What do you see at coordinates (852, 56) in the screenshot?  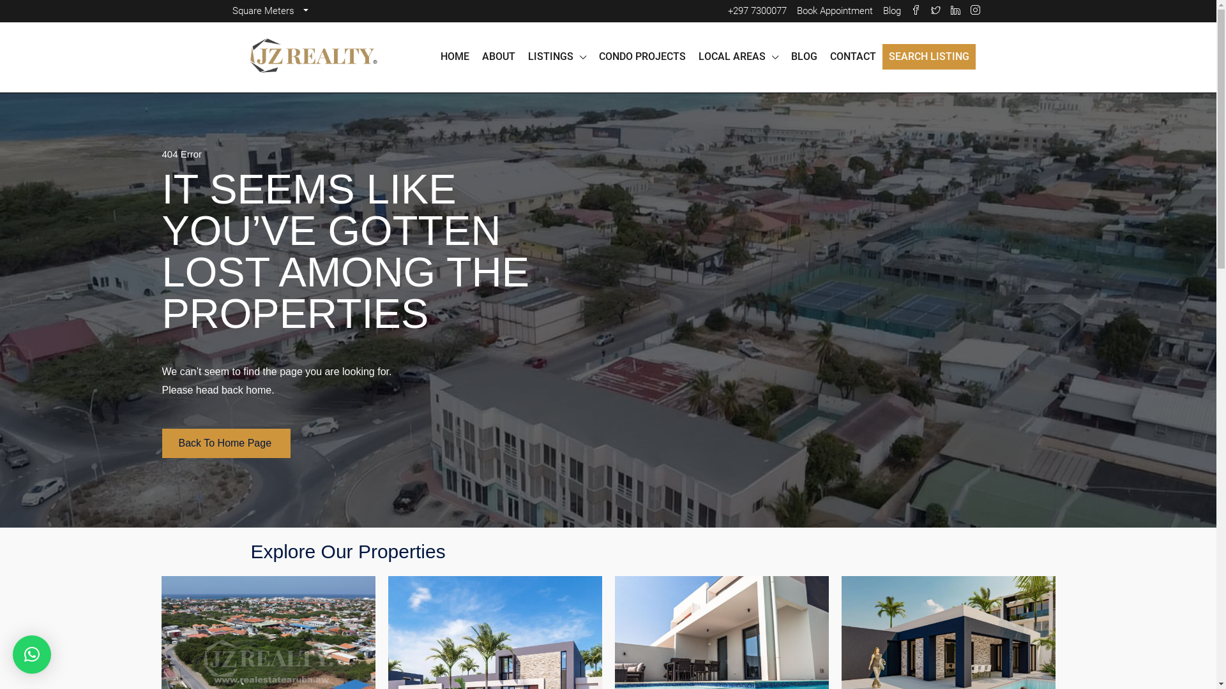 I see `'CONTACT'` at bounding box center [852, 56].